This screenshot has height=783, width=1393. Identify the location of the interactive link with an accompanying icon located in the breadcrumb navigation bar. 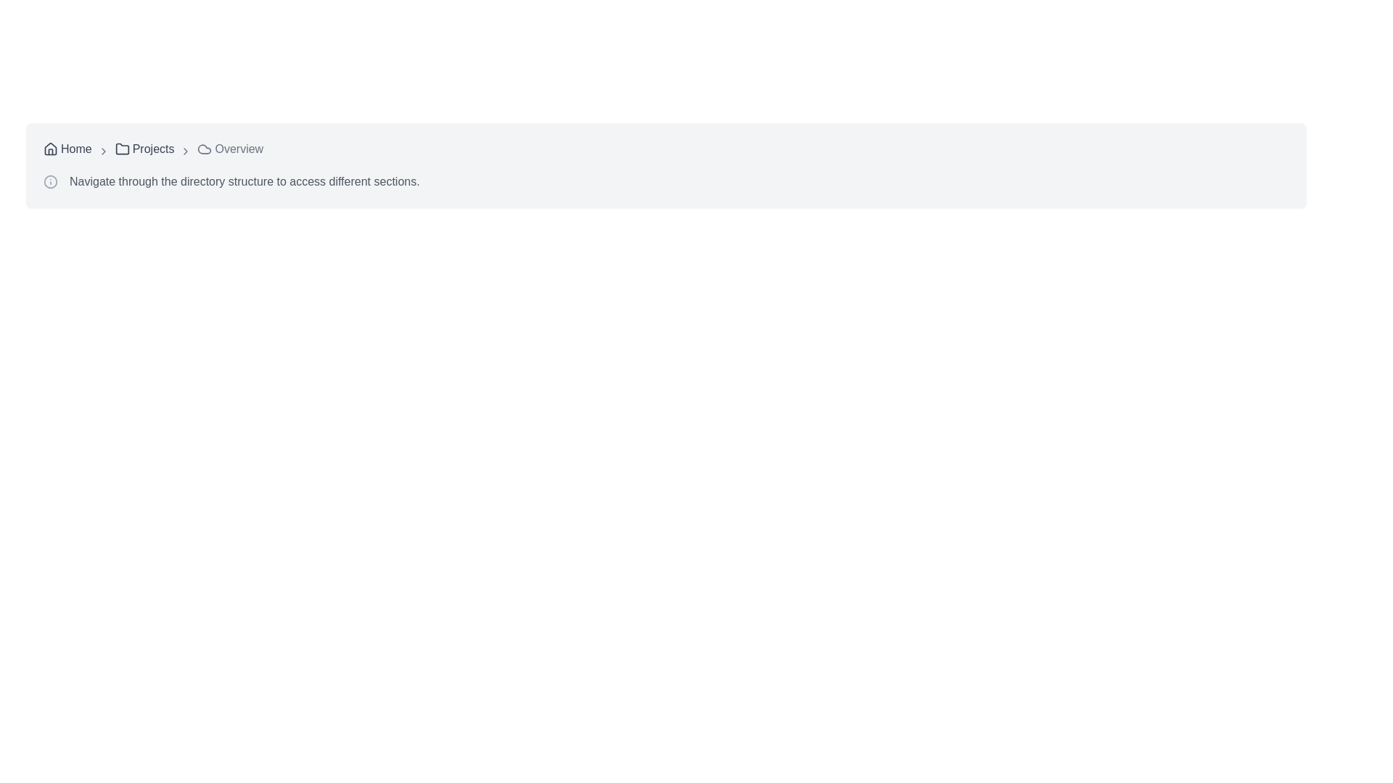
(144, 149).